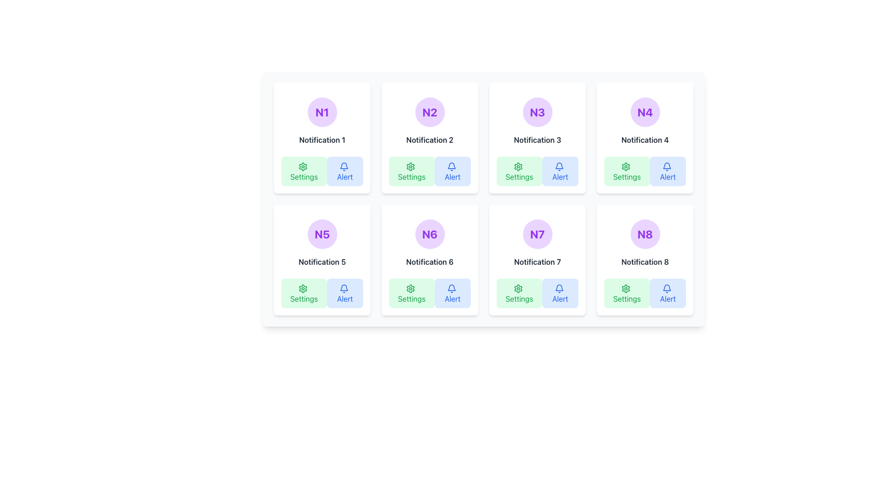 The height and width of the screenshot is (499, 887). I want to click on the 'Alert' button that contains the blue outline bell icon, which is positioned to the left of the text 'Alert' in the card titled 'Notification 2', so click(451, 166).